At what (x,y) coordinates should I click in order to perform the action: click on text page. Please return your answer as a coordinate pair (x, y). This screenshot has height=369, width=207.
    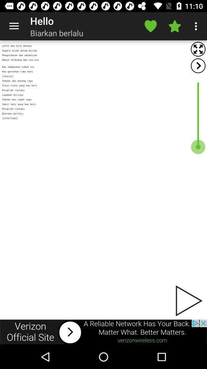
    Looking at the image, I should click on (103, 180).